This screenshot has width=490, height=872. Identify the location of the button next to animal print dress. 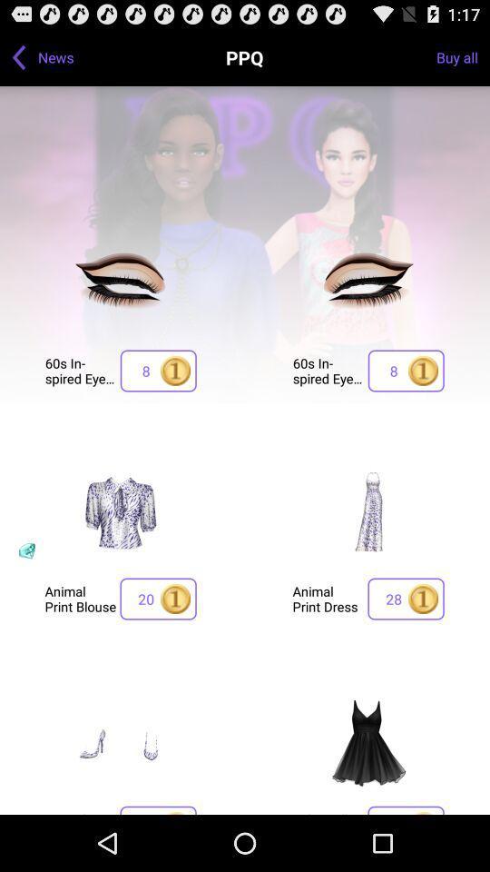
(406, 598).